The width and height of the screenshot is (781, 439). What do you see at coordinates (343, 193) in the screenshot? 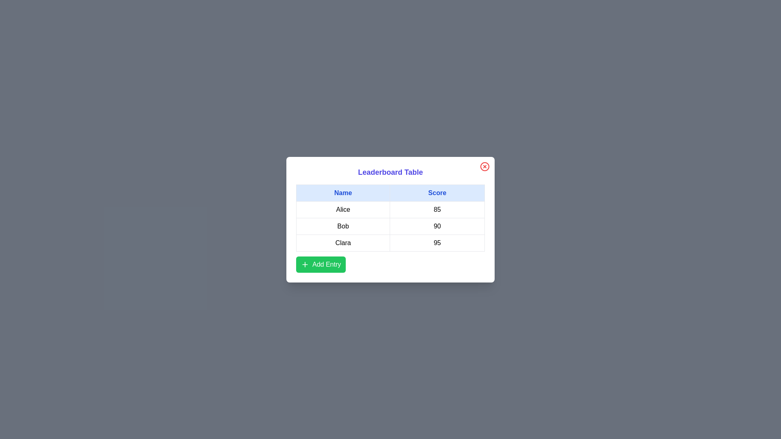
I see `the table header Name to sort the table by that column` at bounding box center [343, 193].